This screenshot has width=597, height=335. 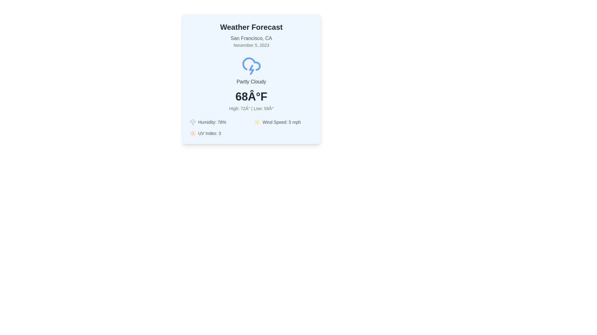 What do you see at coordinates (251, 45) in the screenshot?
I see `the text label displaying 'November 5, 2023', which is styled in small gray text and positioned below 'San Francisco, CA' in the weather forecast interface` at bounding box center [251, 45].